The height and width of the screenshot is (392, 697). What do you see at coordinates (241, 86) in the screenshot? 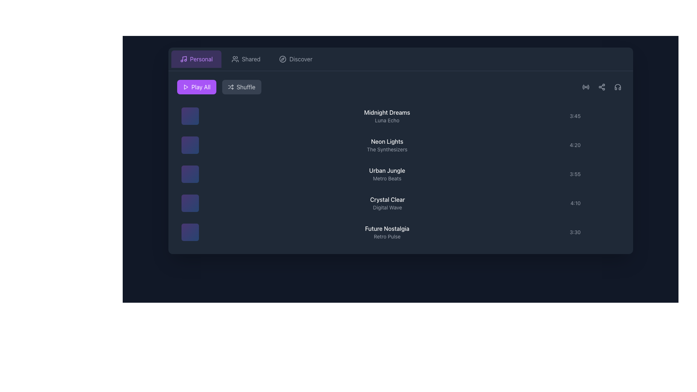
I see `the shuffle playback button, which is located to the right of the 'Play All' button in the top-left section of the interface` at bounding box center [241, 86].